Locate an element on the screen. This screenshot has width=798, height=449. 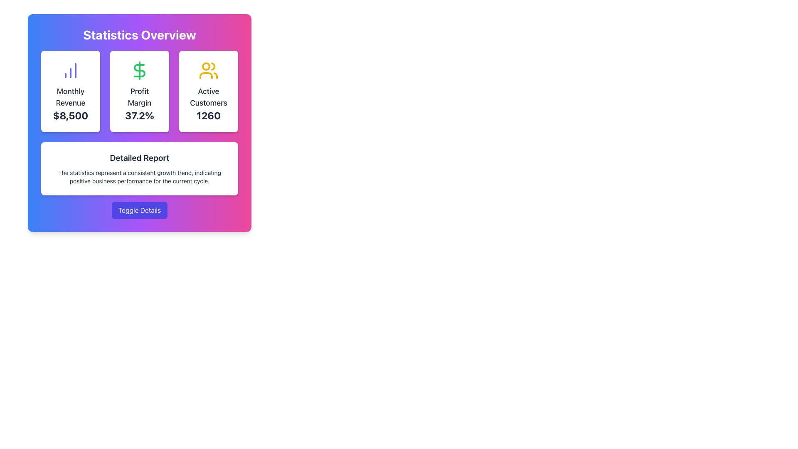
the informational display card that shows the profit margin percentage, located in the center column under 'Statistics Overview', between 'Monthly Revenue' and 'Active Customers' is located at coordinates (140, 91).